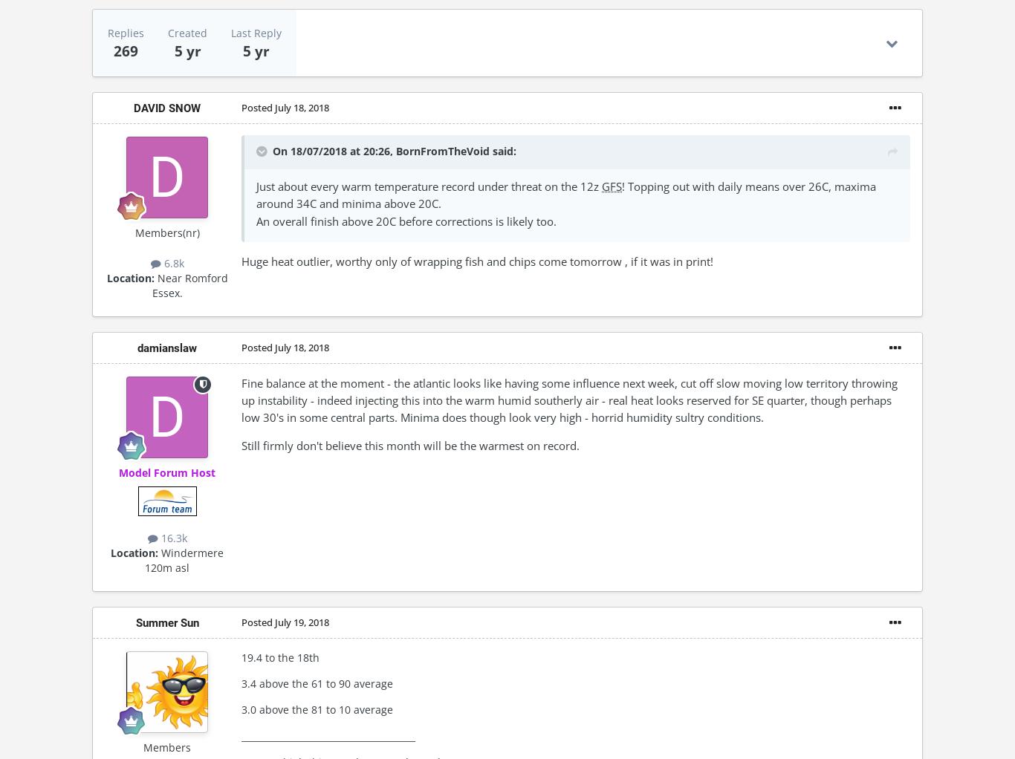 This screenshot has width=1015, height=759. I want to click on 'Huge heat outlier, worthy only of wrapping fish and chips come tomorrow , if it was in print!', so click(476, 260).